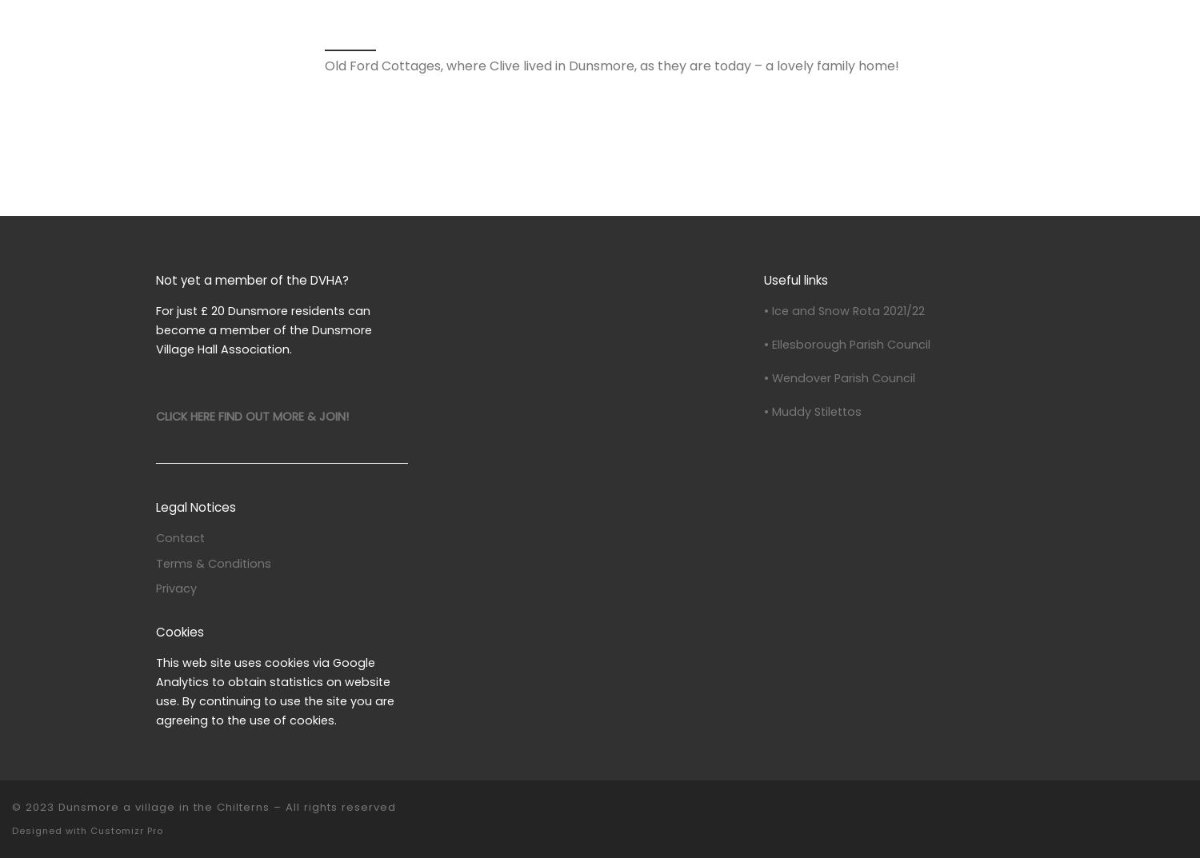  Describe the element at coordinates (175, 587) in the screenshot. I see `'Privacy'` at that location.